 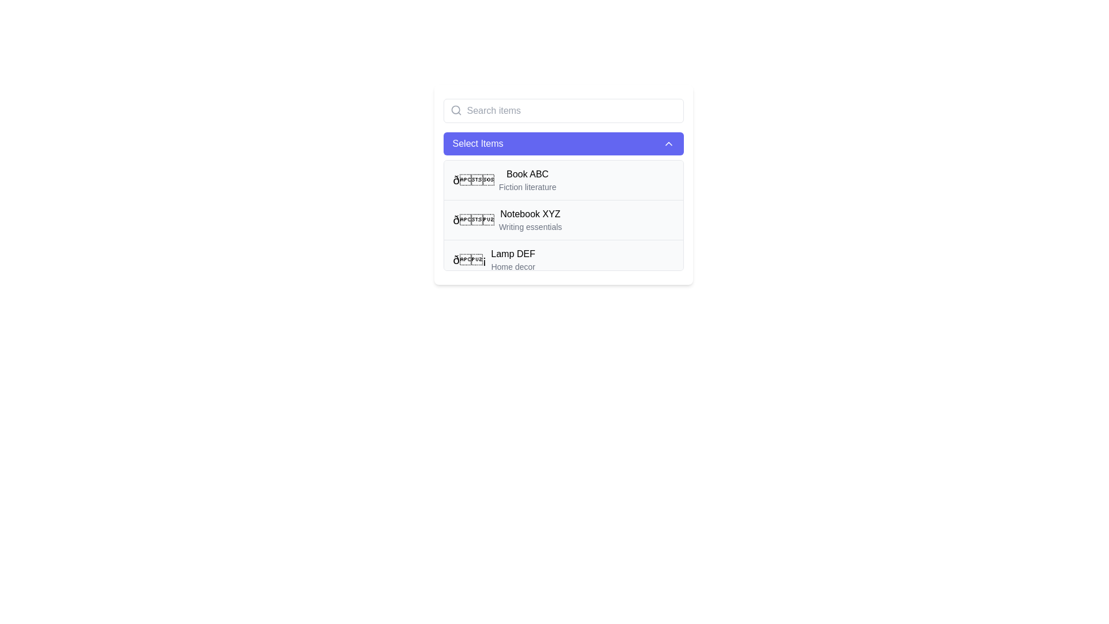 What do you see at coordinates (563, 180) in the screenshot?
I see `the first selectable item in the dropdown menu labeled 'Book ABC', which is identified by its description 'Fiction literature'` at bounding box center [563, 180].